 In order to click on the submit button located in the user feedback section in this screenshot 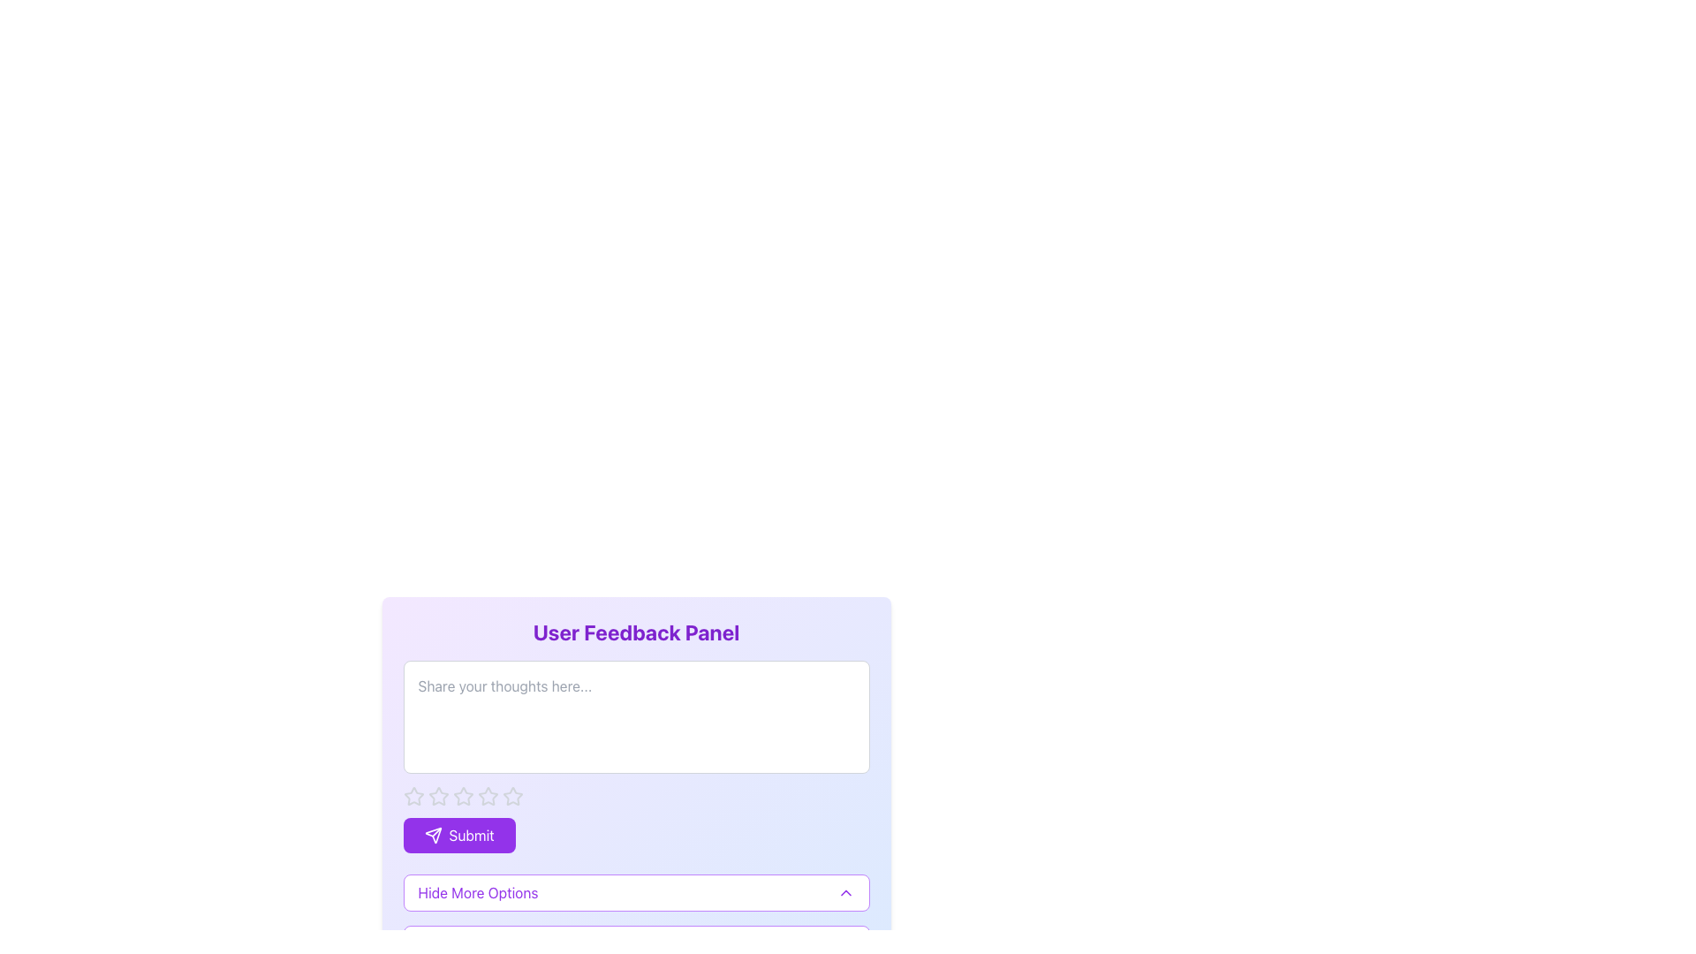, I will do `click(459, 835)`.